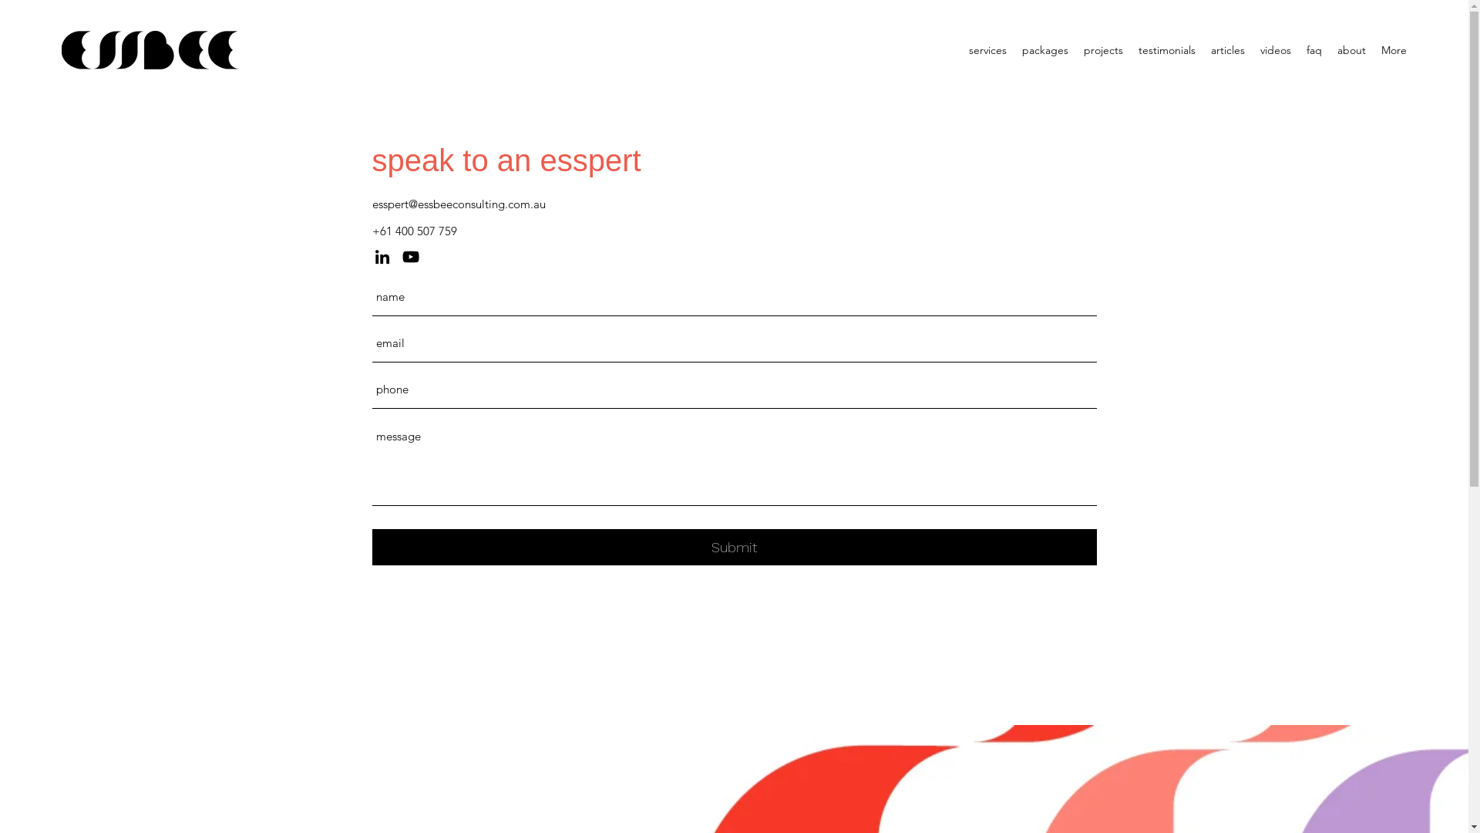  What do you see at coordinates (1102, 49) in the screenshot?
I see `'projects'` at bounding box center [1102, 49].